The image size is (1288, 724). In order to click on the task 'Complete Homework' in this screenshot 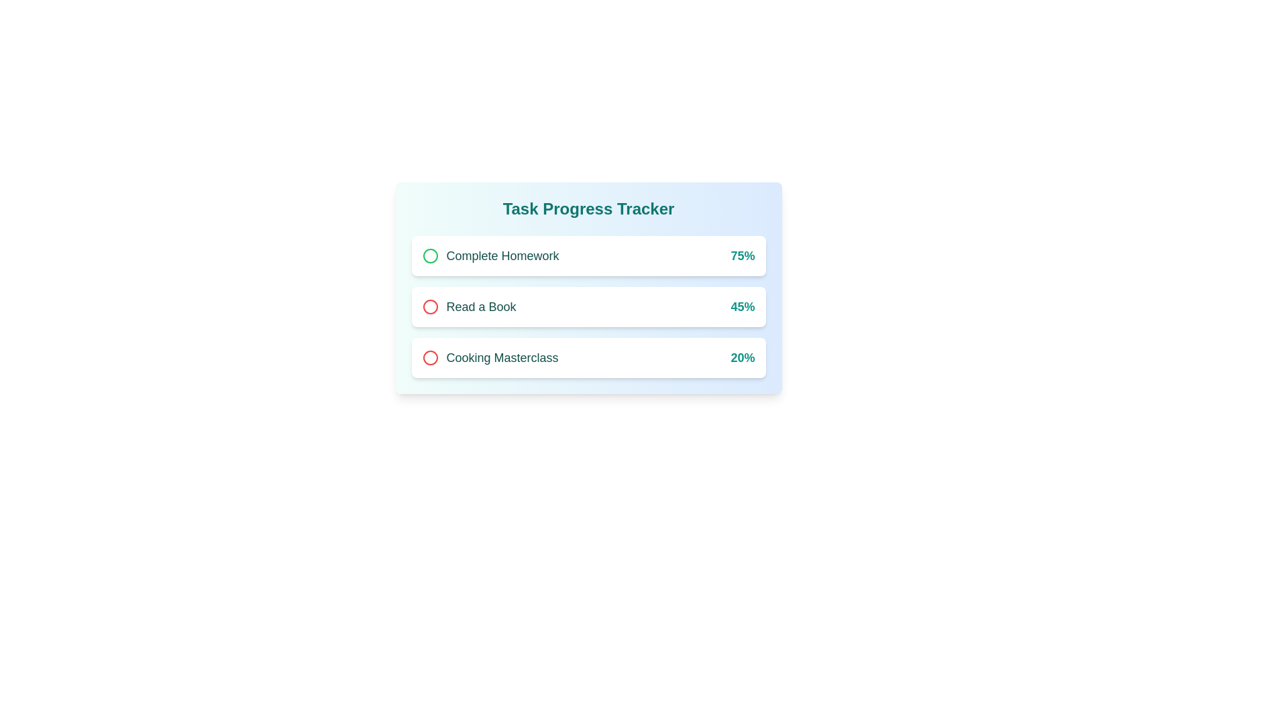, I will do `click(588, 255)`.